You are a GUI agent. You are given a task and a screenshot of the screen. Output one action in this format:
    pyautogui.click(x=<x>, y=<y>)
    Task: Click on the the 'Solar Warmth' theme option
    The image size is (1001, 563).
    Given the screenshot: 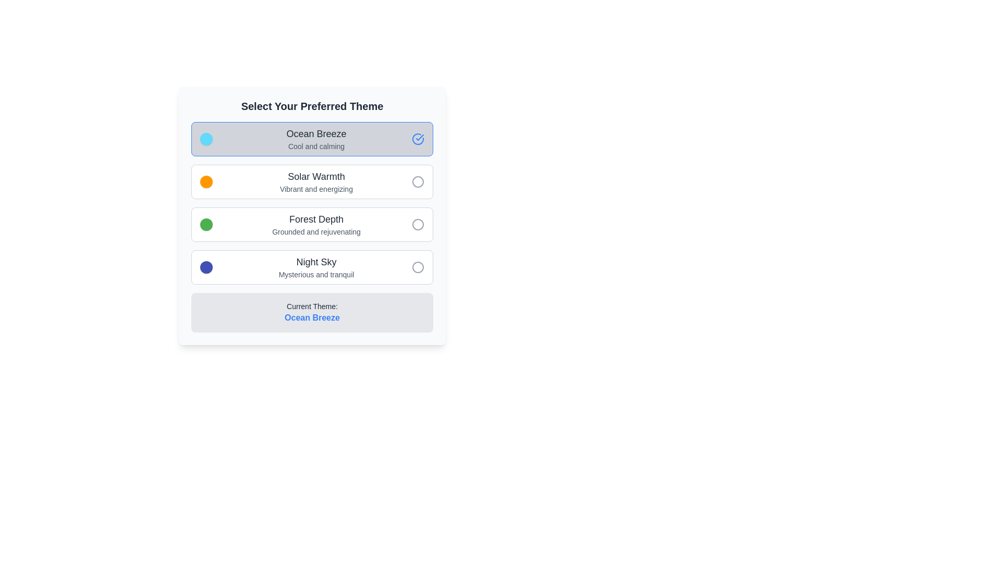 What is the action you would take?
    pyautogui.click(x=312, y=181)
    